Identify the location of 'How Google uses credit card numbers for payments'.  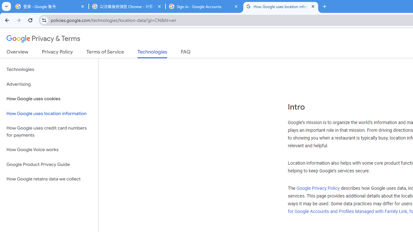
(49, 131).